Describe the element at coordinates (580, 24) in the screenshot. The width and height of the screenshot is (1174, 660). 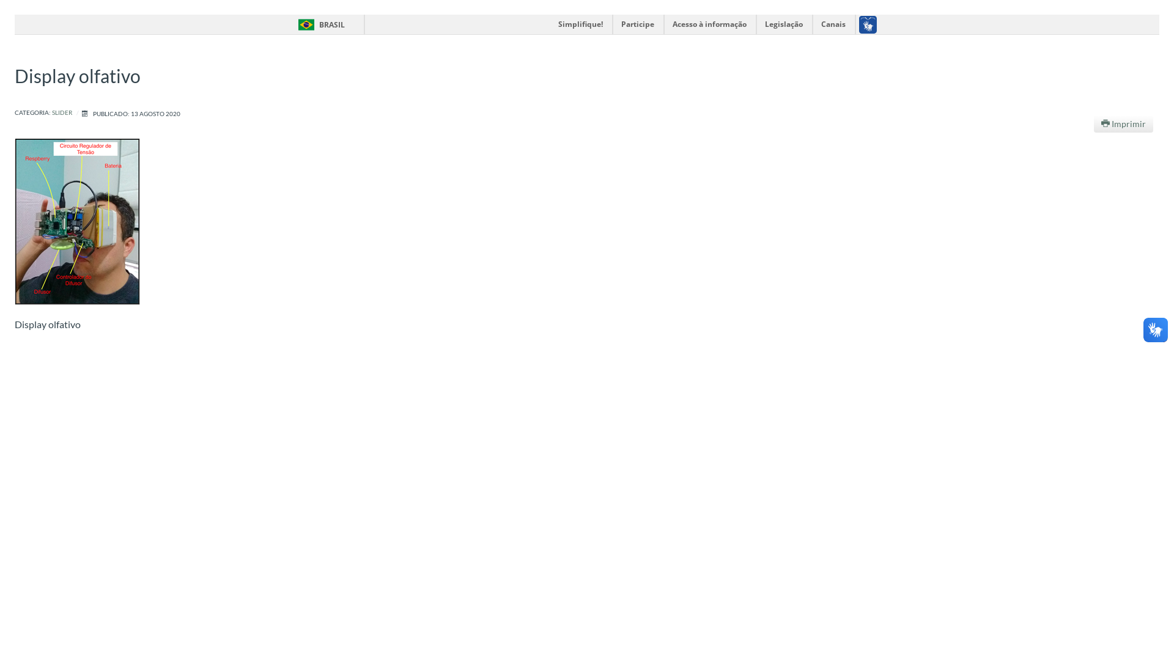
I see `'Simplifique!'` at that location.